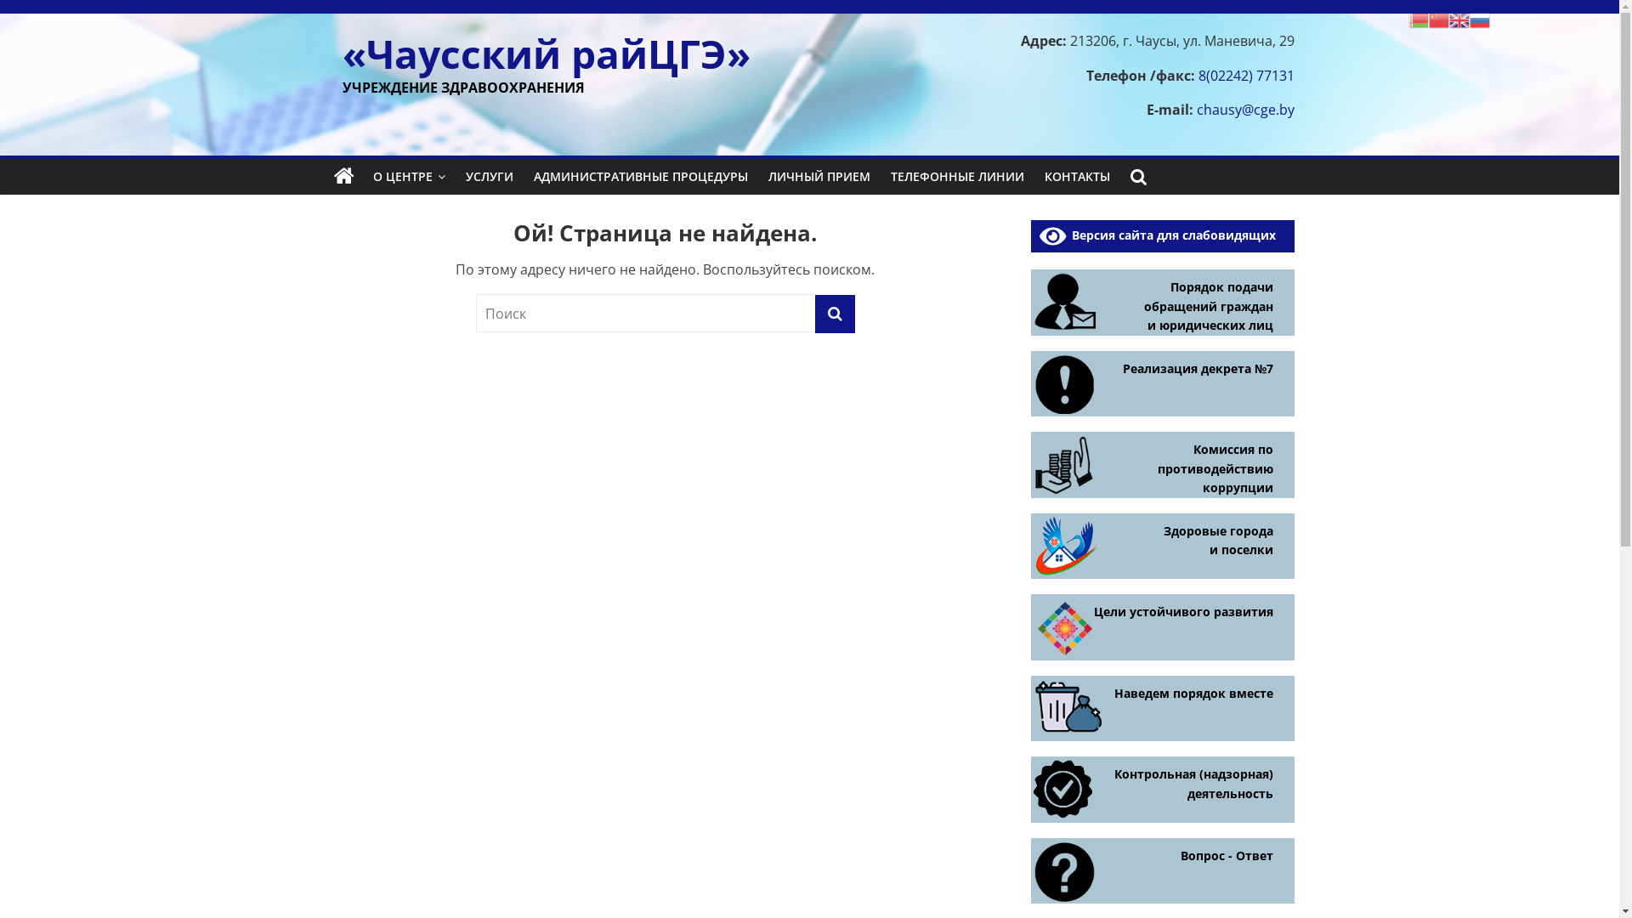 The width and height of the screenshot is (1632, 918). I want to click on 'English', so click(1459, 19).